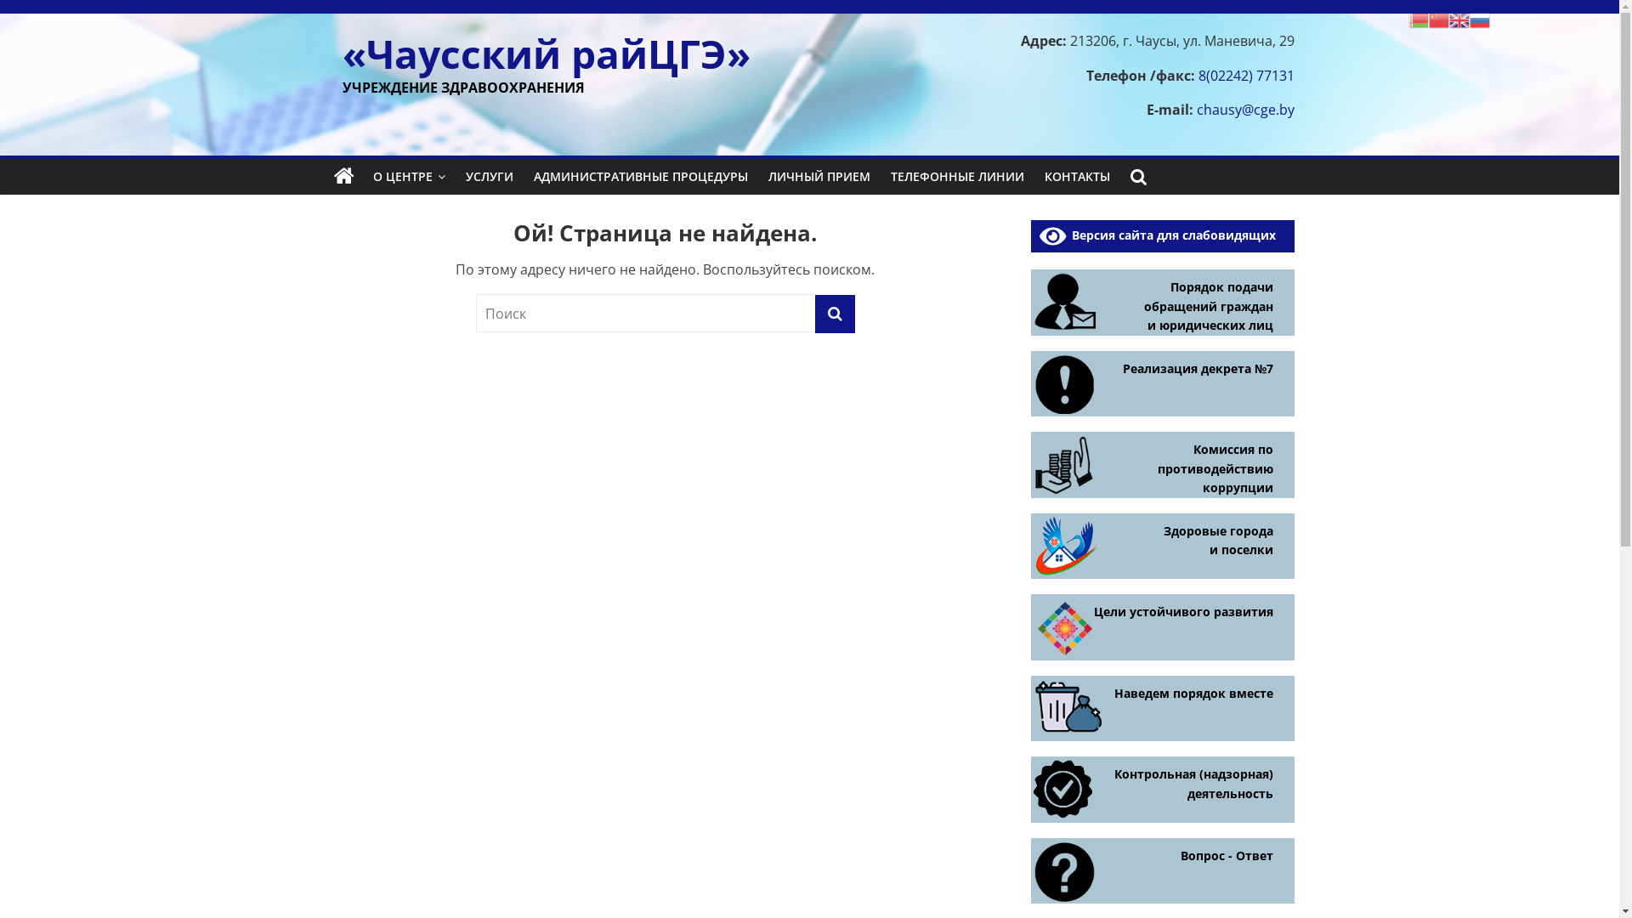 The width and height of the screenshot is (1632, 918). I want to click on 'English', so click(1459, 19).